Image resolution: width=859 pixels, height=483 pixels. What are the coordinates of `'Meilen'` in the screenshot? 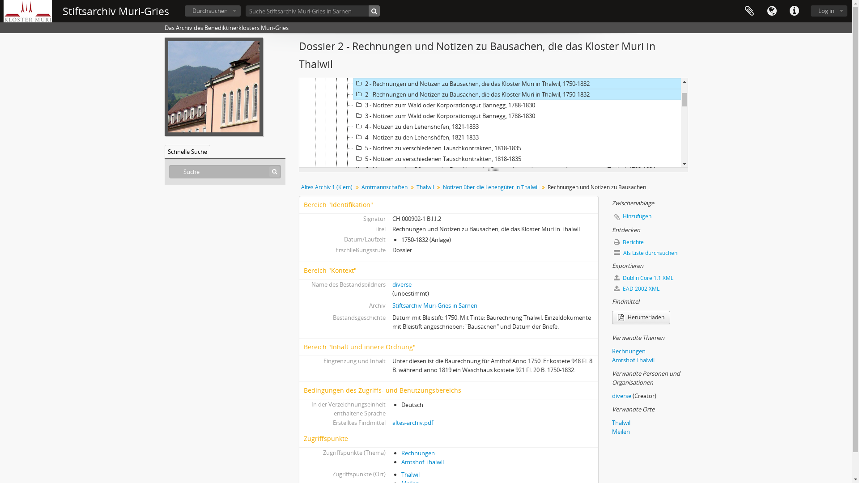 It's located at (620, 431).